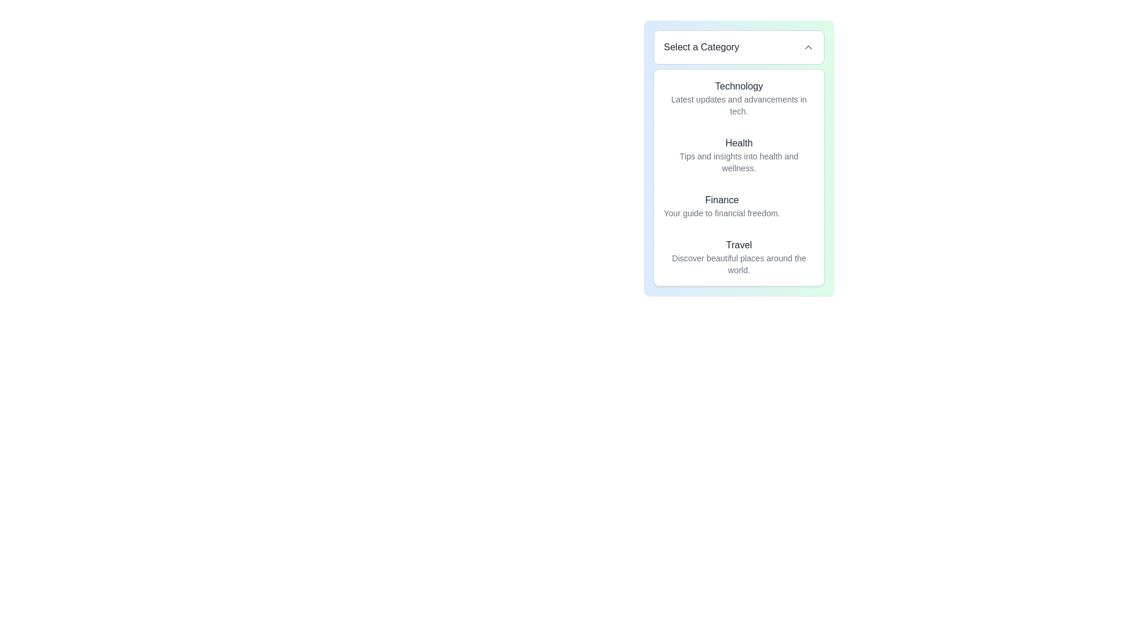  I want to click on the chevron icon located at the rightmost edge of the 'Select a Category' dropdown, so click(807, 47).